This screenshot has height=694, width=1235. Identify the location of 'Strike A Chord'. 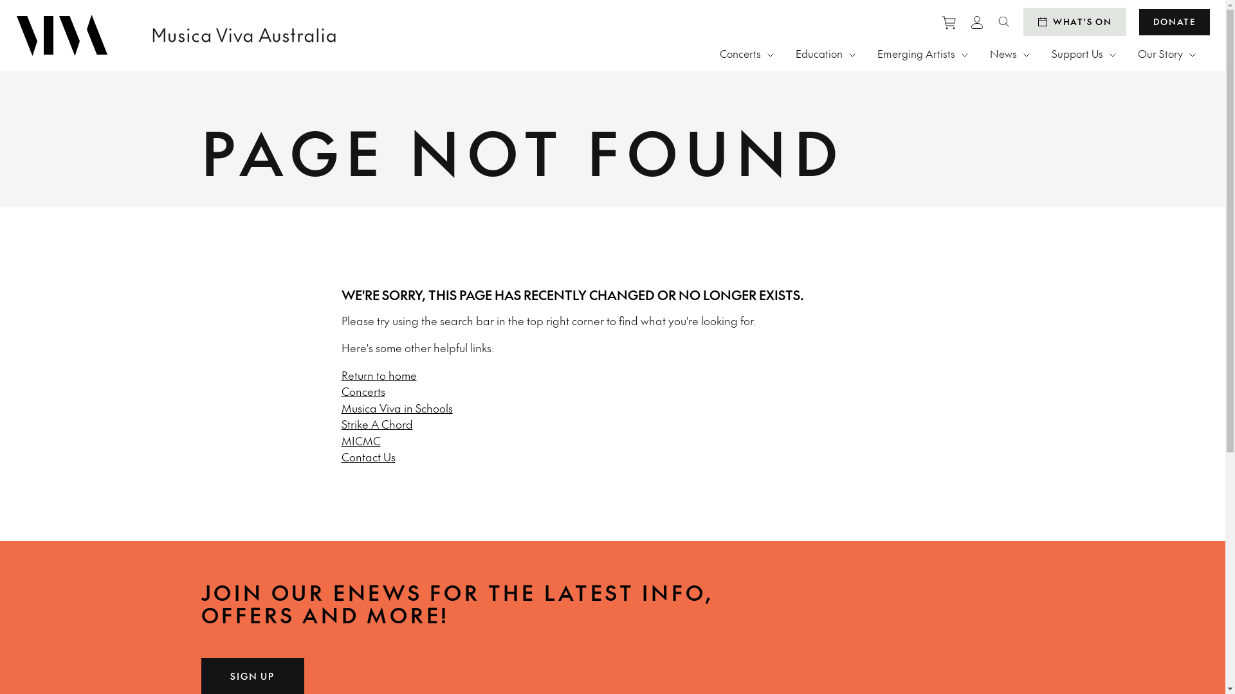
(376, 423).